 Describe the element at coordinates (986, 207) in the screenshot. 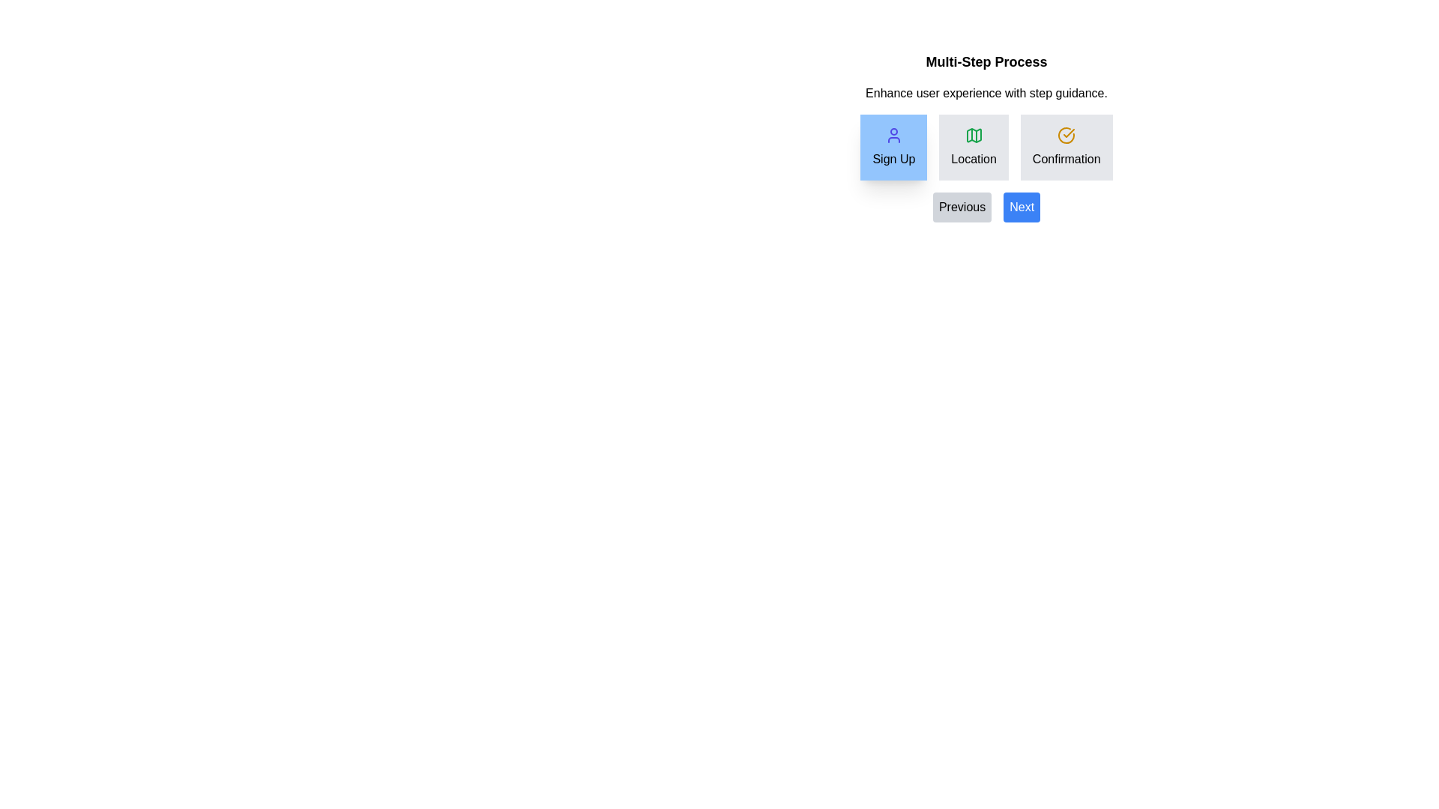

I see `the 'Previous' navigation button located below the 'Sign Up', 'Location', and 'Confirmation' sections to observe a style change` at that location.